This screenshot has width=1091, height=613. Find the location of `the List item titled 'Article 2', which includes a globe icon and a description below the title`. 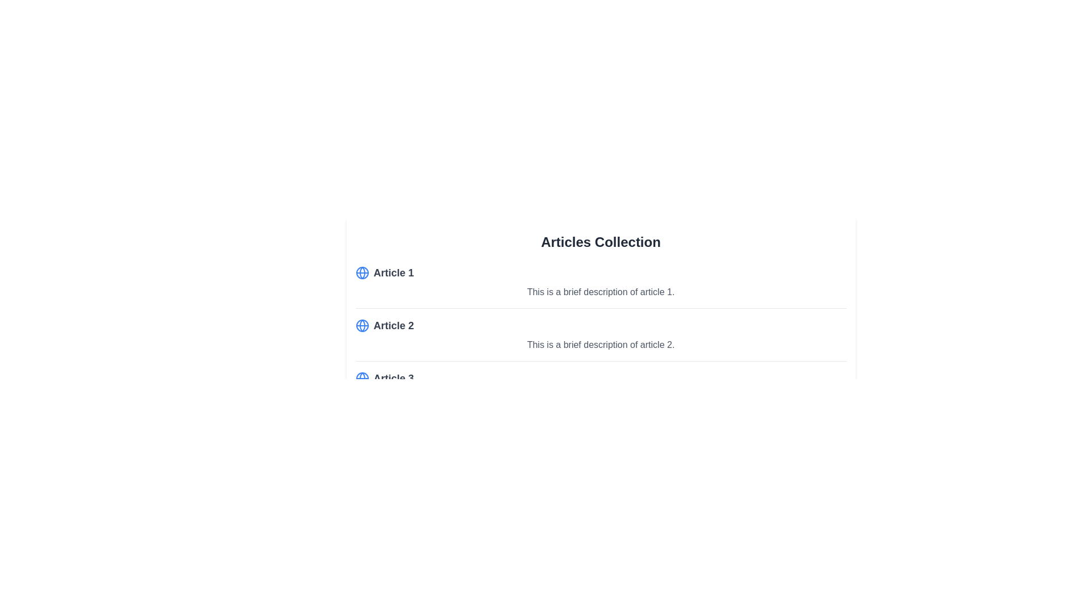

the List item titled 'Article 2', which includes a globe icon and a description below the title is located at coordinates (600, 339).